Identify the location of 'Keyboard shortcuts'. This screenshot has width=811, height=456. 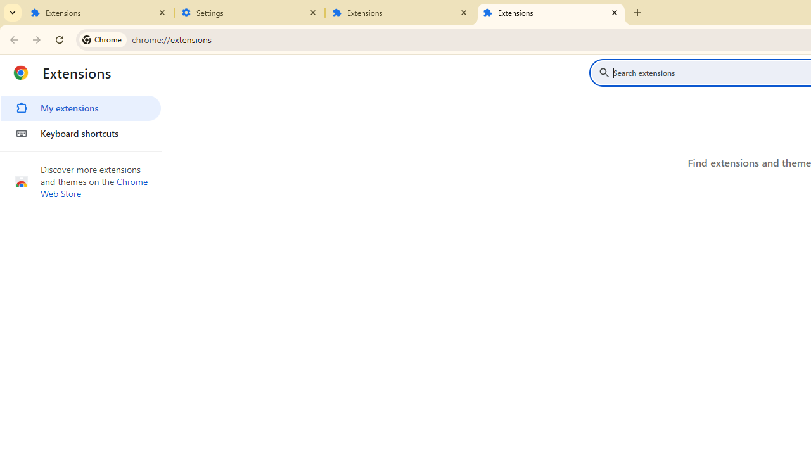
(80, 133).